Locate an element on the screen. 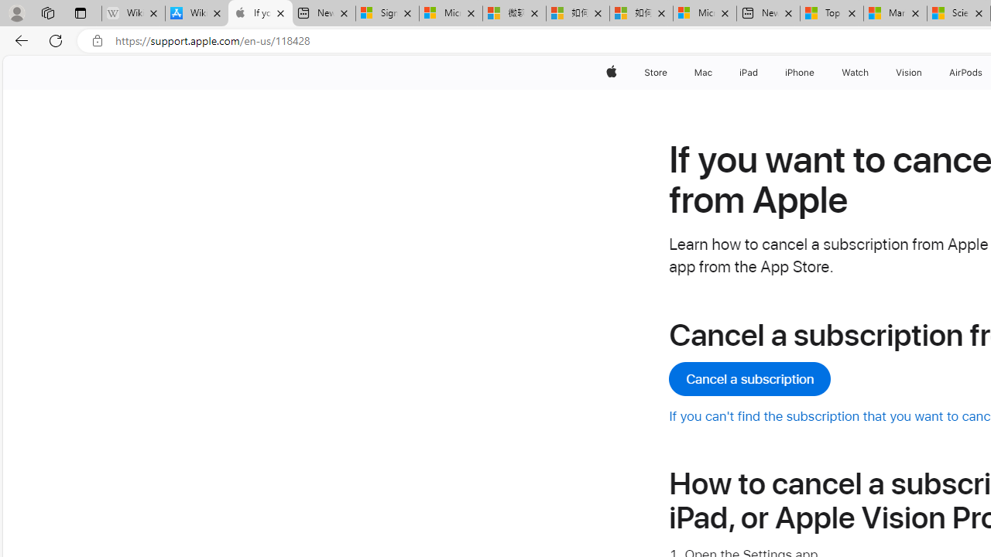  'Apple' is located at coordinates (610, 72).